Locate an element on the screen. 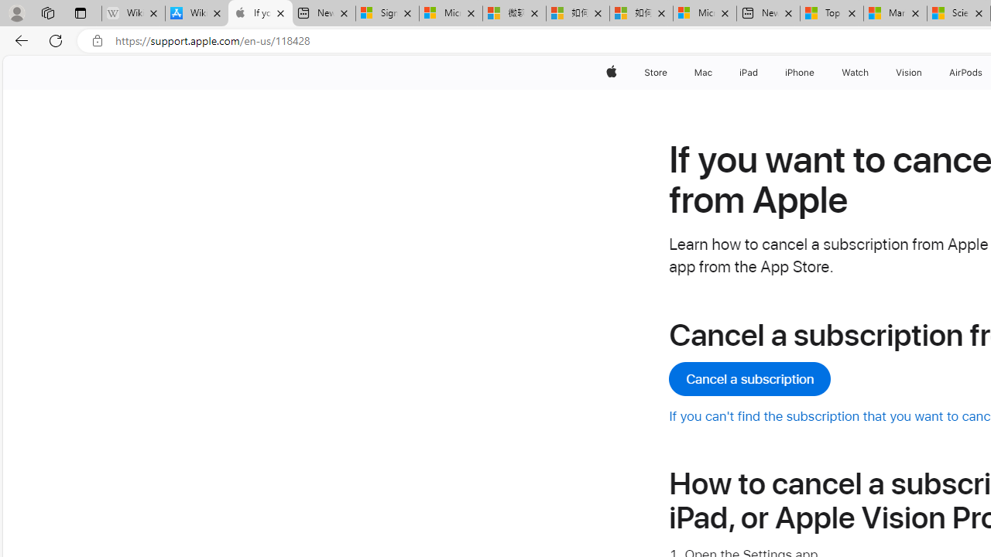  'Apple' is located at coordinates (610, 72).